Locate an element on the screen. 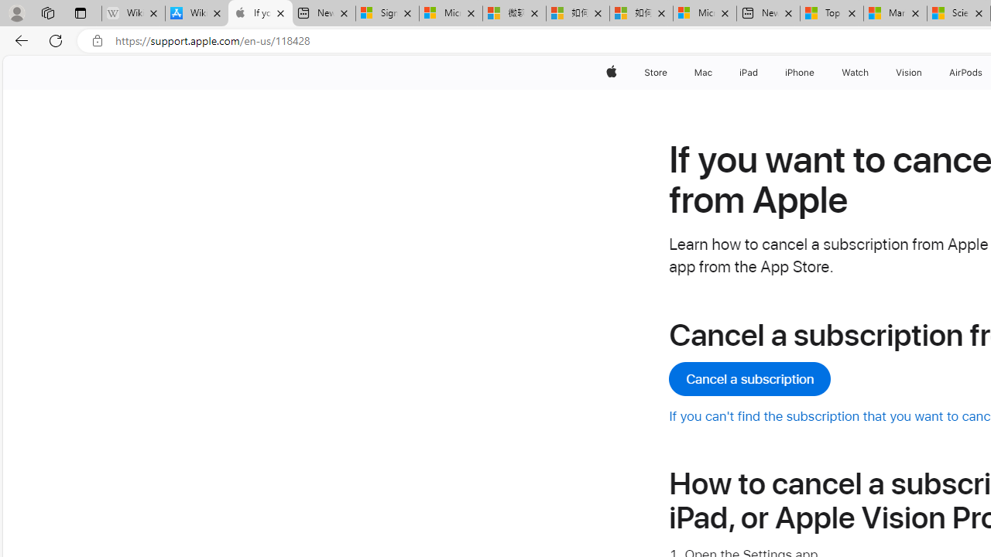  'Apple' is located at coordinates (610, 72).